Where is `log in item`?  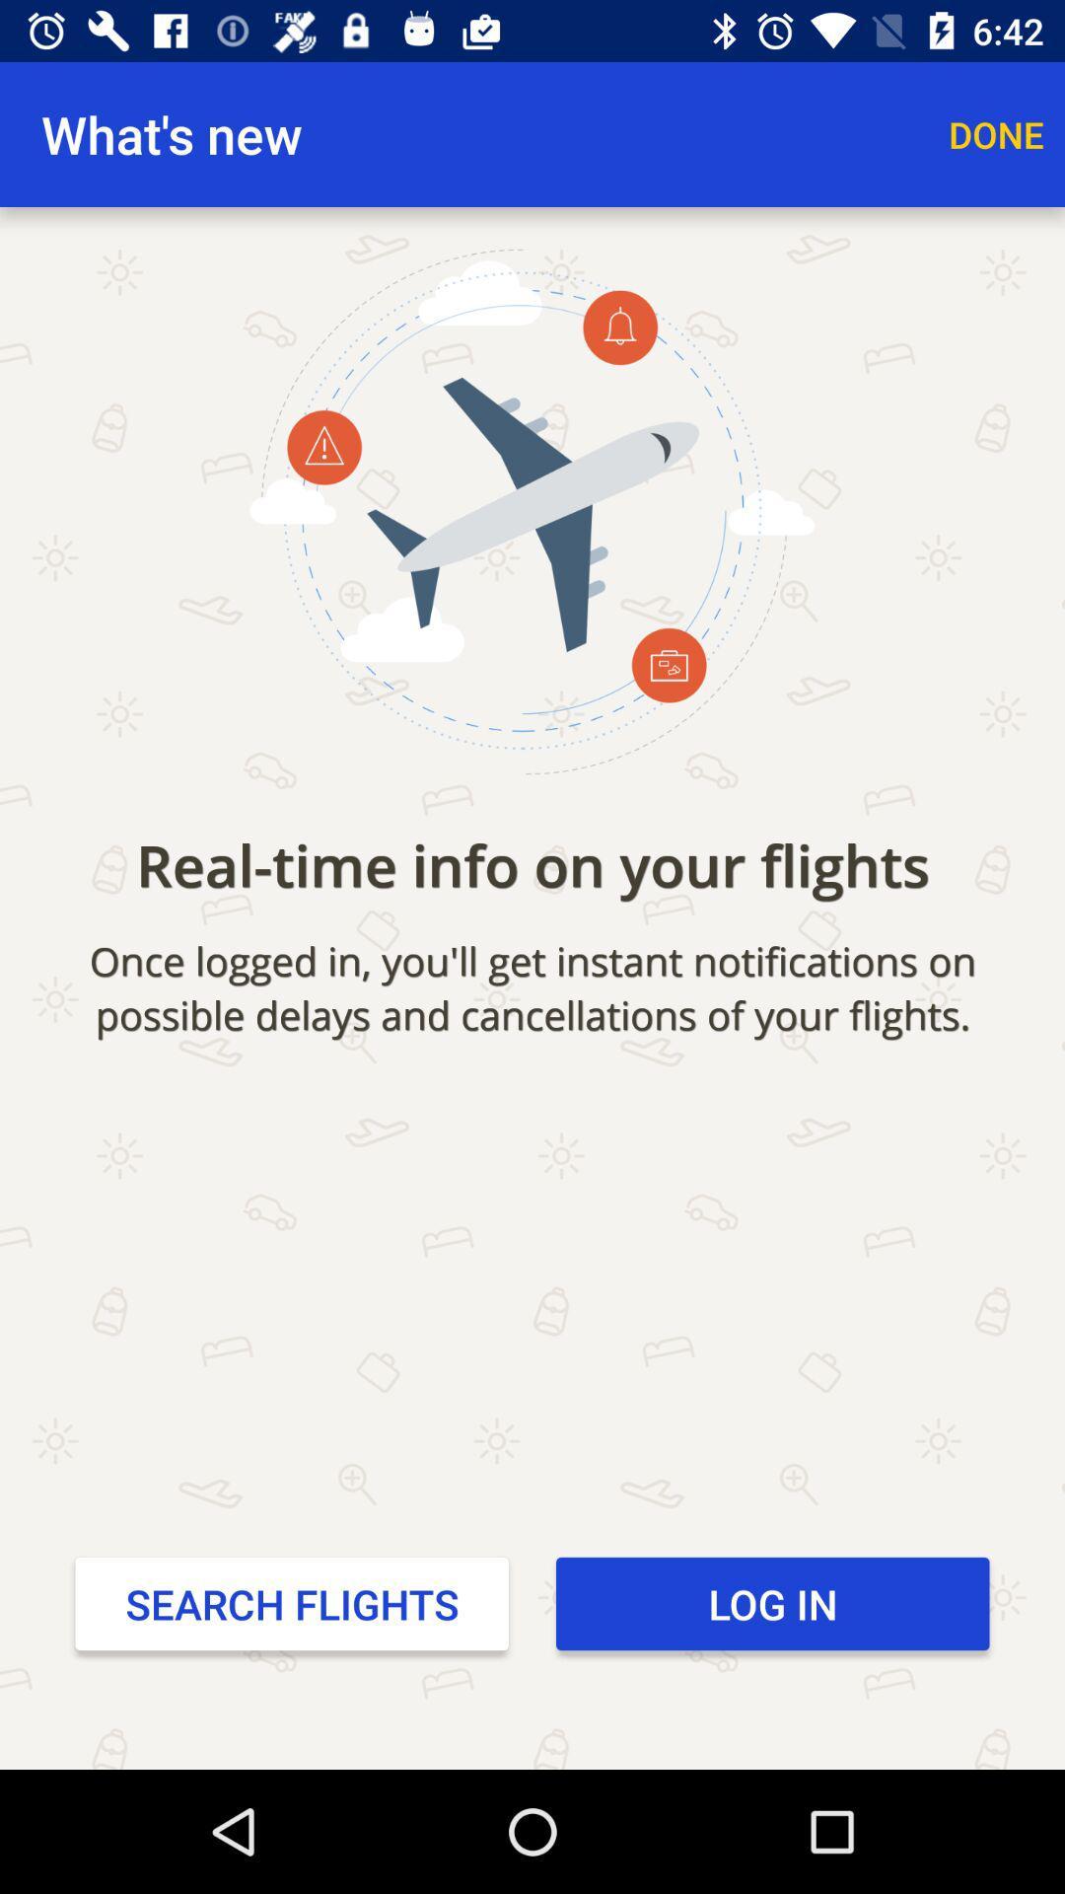
log in item is located at coordinates (771, 1604).